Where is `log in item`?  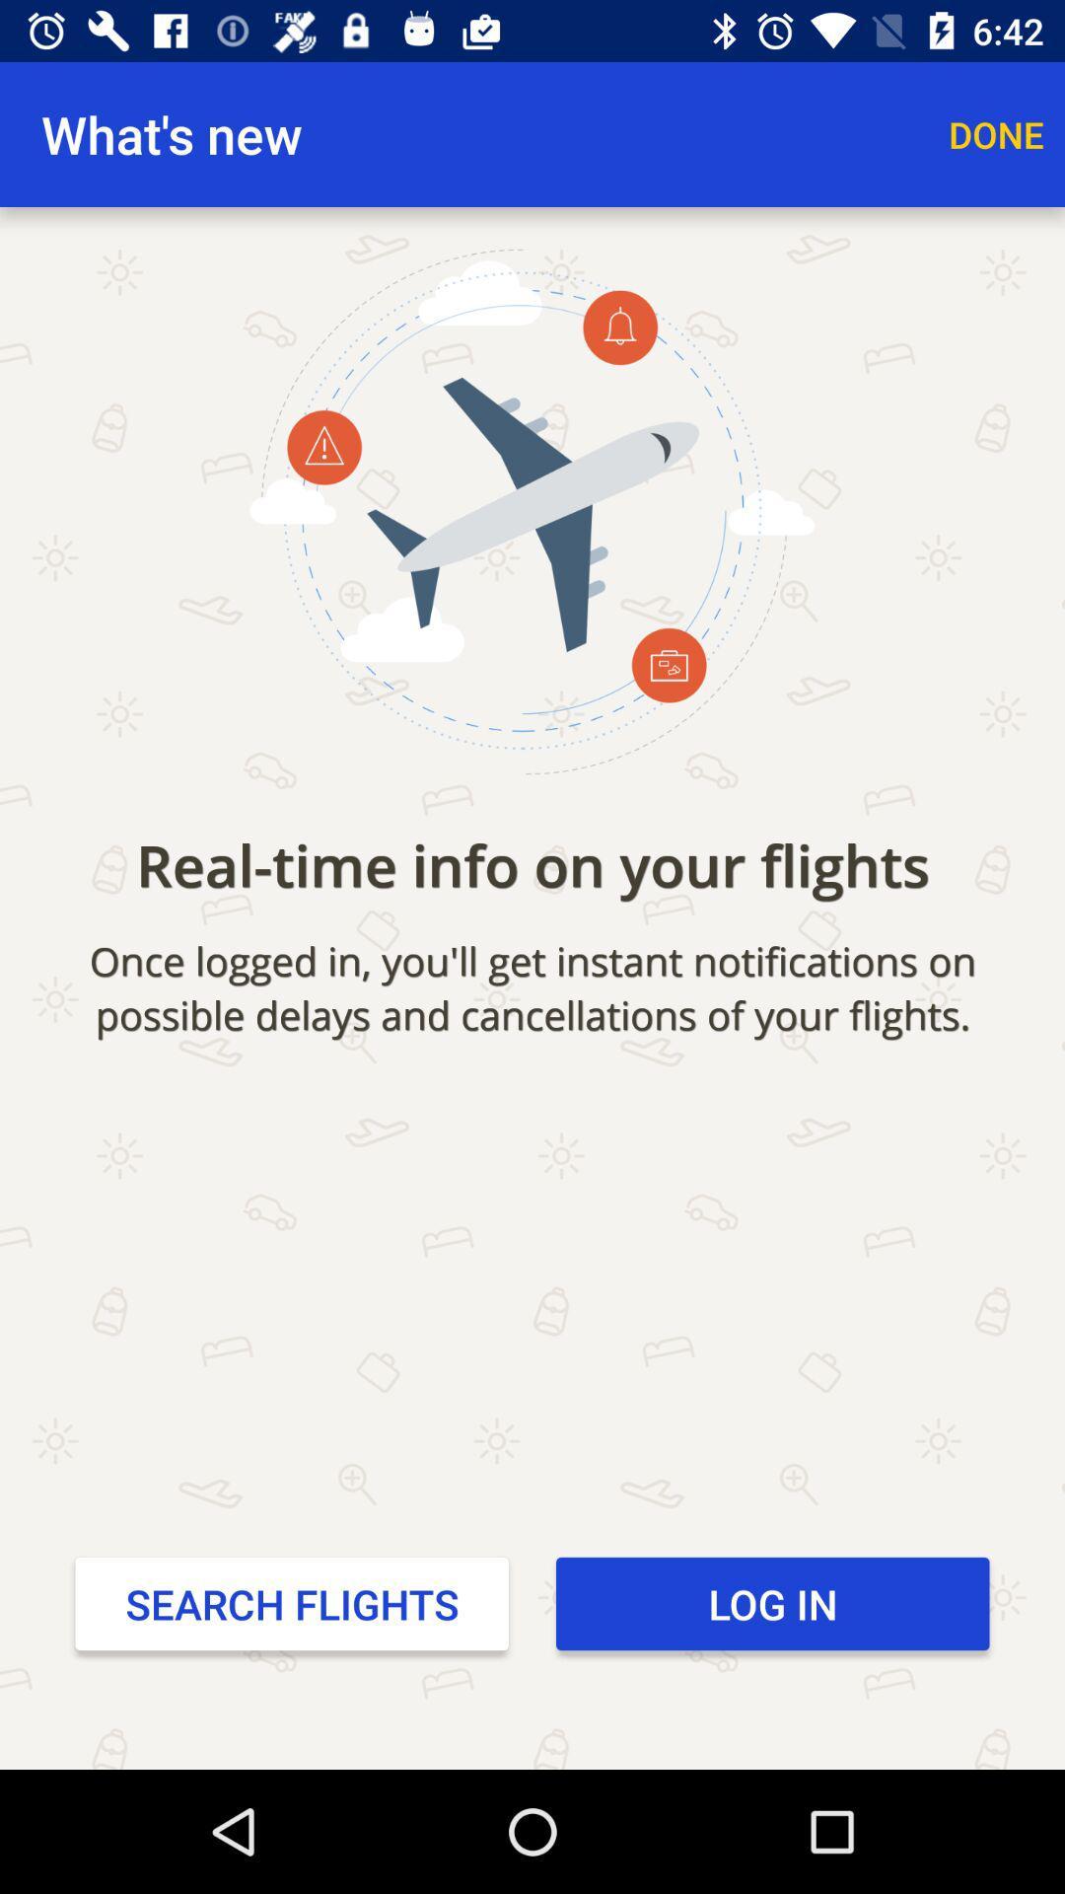
log in item is located at coordinates (771, 1604).